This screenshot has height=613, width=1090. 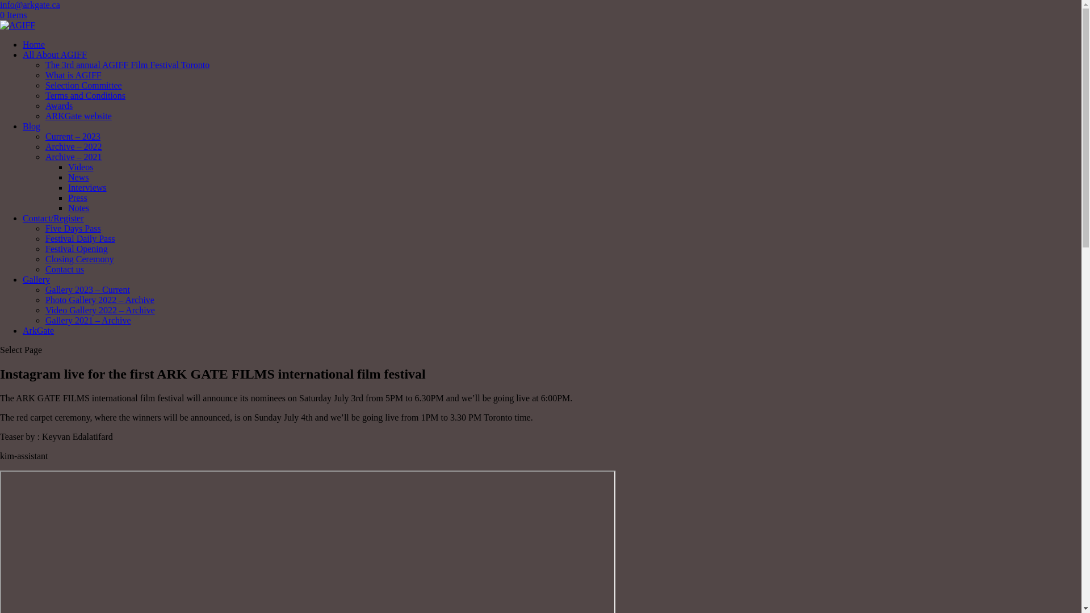 I want to click on 'Festival Opening', so click(x=76, y=248).